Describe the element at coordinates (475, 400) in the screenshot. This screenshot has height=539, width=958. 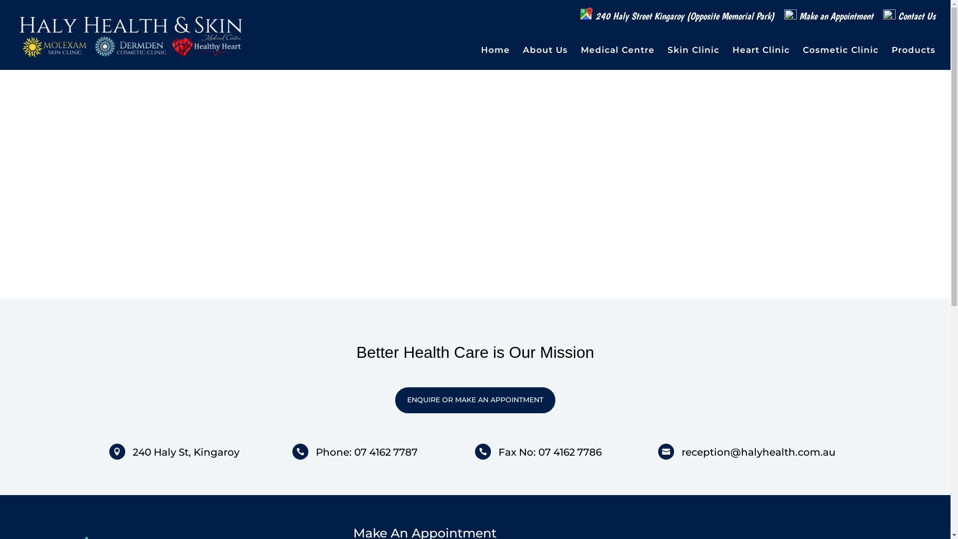
I see `'ENQUIRE OR MAKE AN APPOINTMENT'` at that location.